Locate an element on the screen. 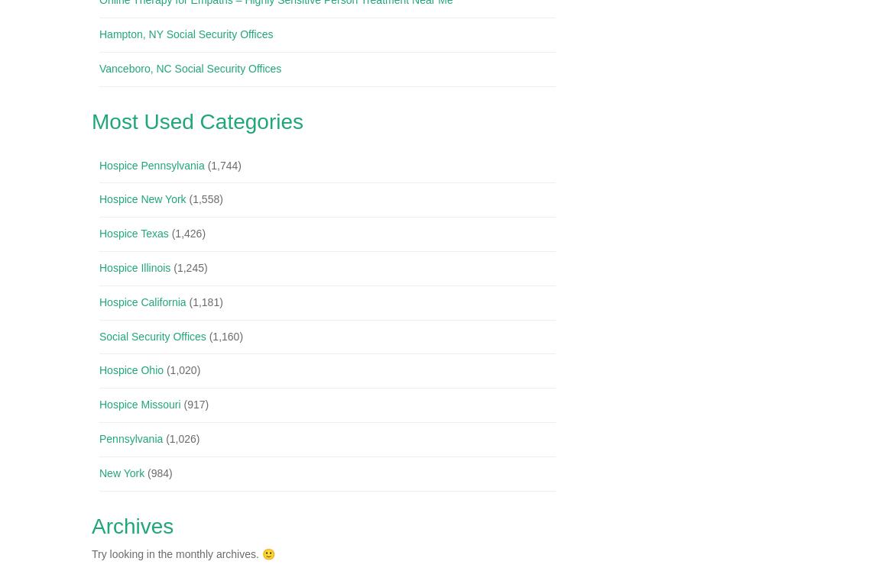 This screenshot has width=879, height=571. 'Hampton, NY Social Security Offices' is located at coordinates (185, 34).